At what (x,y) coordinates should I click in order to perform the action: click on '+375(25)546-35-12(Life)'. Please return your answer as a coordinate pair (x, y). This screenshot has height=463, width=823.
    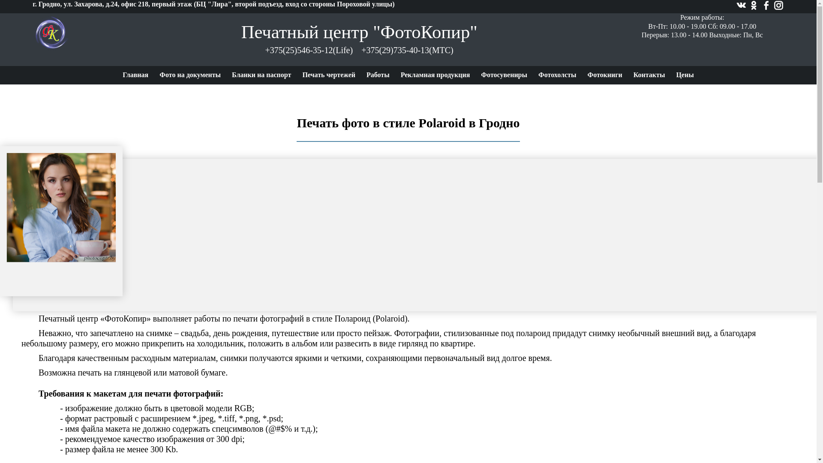
    Looking at the image, I should click on (309, 50).